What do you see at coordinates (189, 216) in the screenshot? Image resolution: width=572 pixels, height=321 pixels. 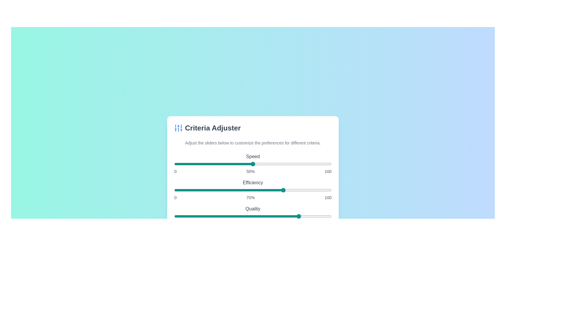 I see `the 'Quality' slider to set its value to 10` at bounding box center [189, 216].